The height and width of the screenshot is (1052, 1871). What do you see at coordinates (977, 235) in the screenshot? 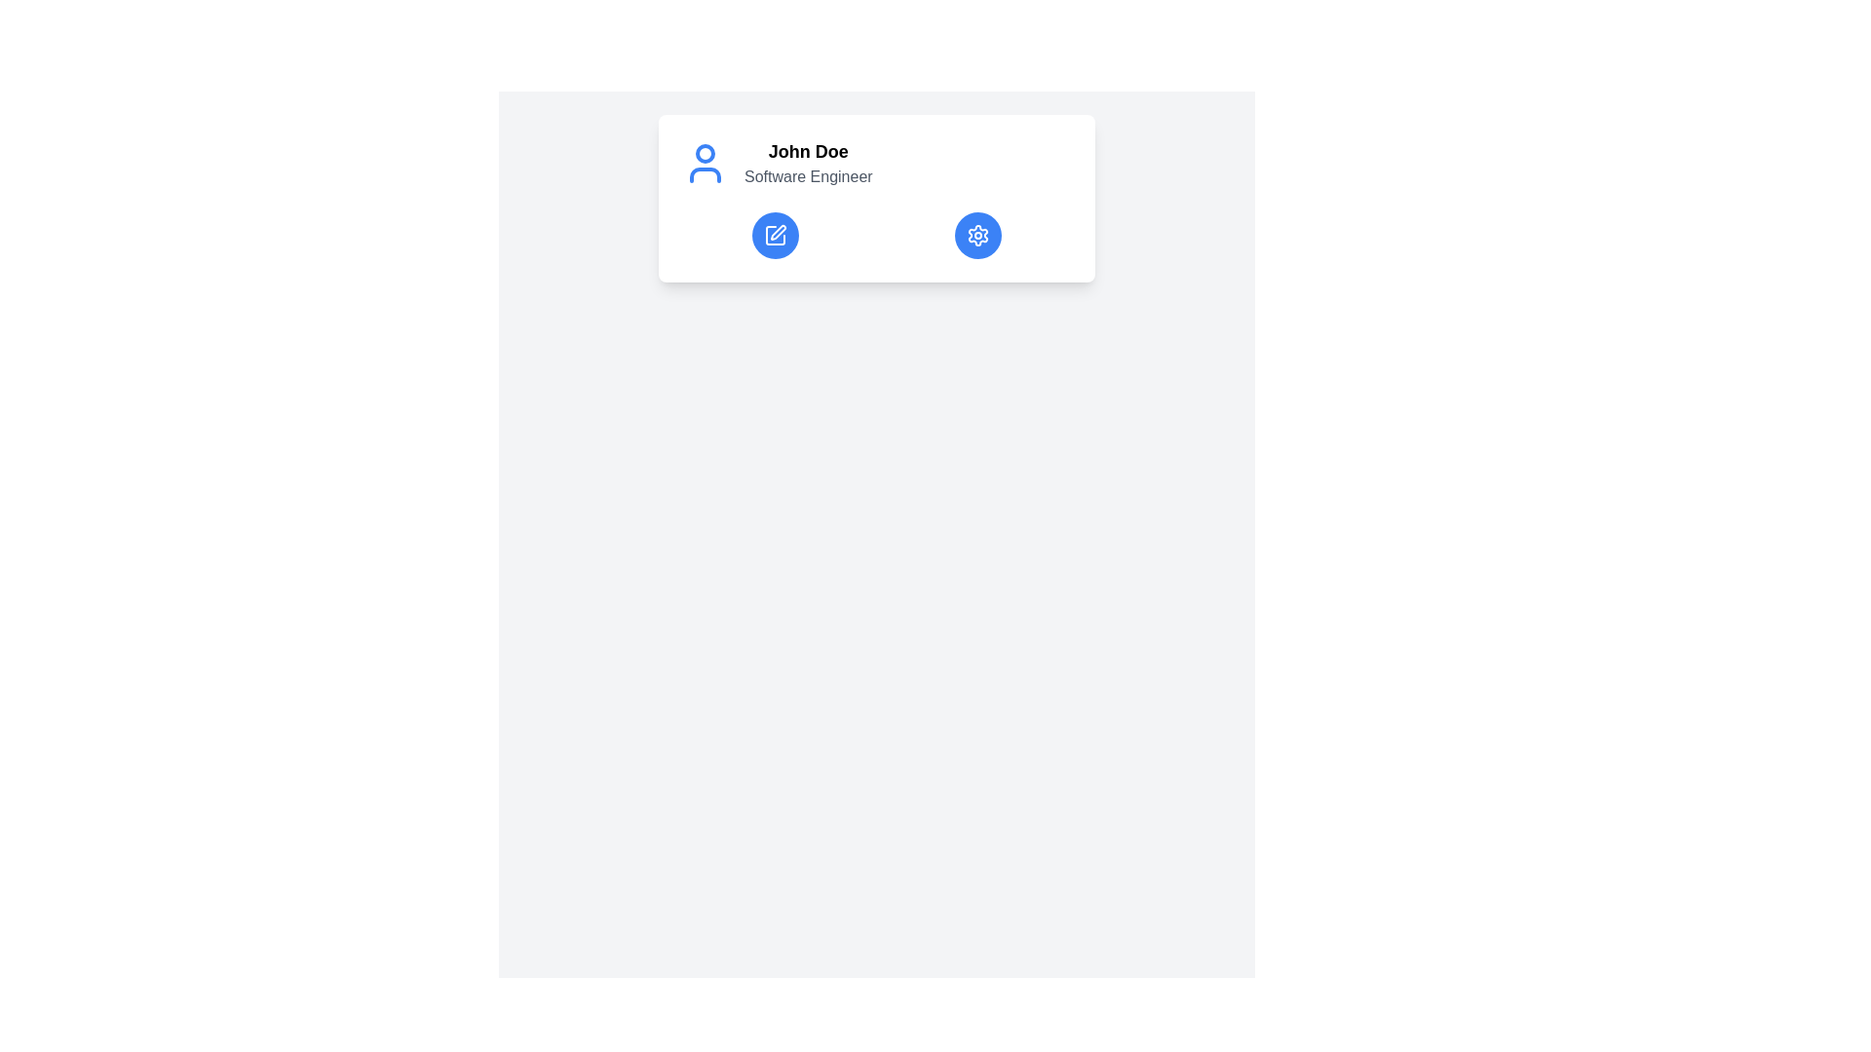
I see `the blue circular button with a gear icon located at the bottom-right of the user's profile card` at bounding box center [977, 235].